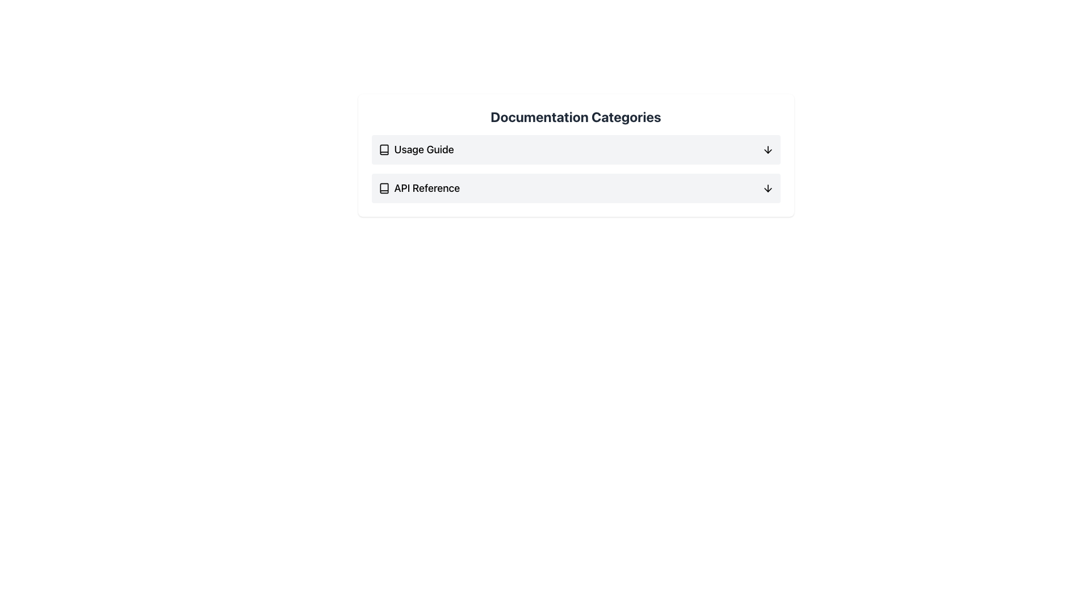  I want to click on the downward arrow icon located on the right side of the 'API Reference' menu item, so click(768, 187).